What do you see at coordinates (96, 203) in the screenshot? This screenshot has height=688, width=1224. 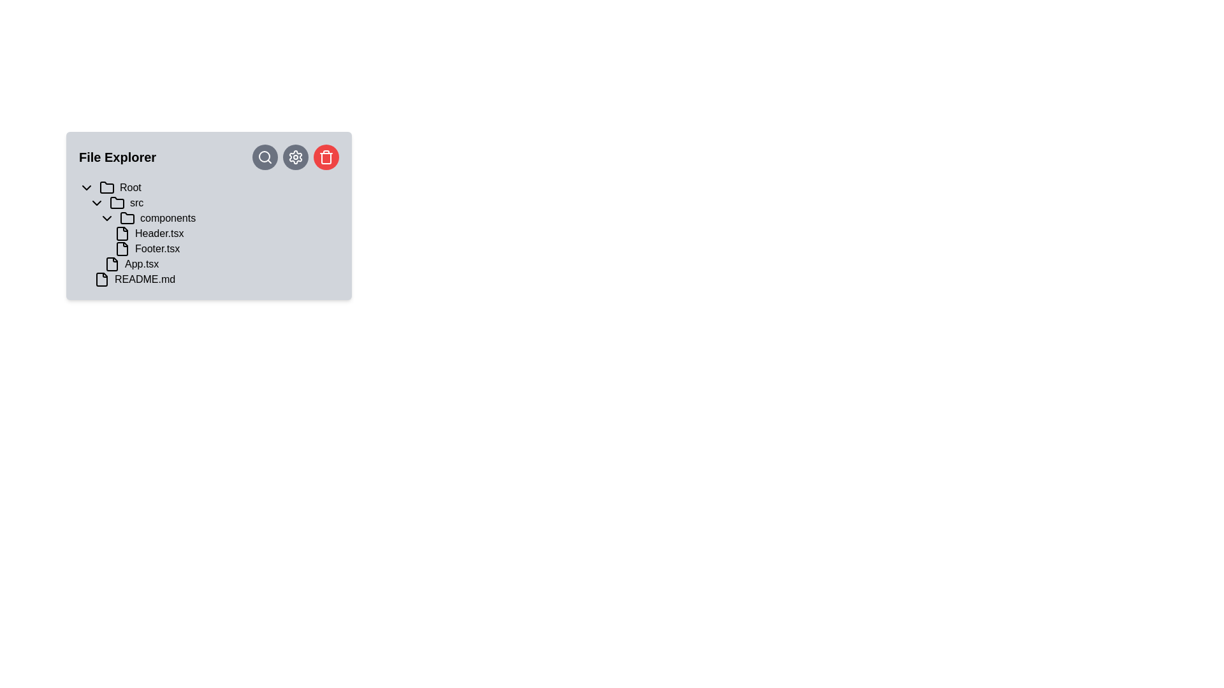 I see `the toggle button located to the left of the 'src' label` at bounding box center [96, 203].